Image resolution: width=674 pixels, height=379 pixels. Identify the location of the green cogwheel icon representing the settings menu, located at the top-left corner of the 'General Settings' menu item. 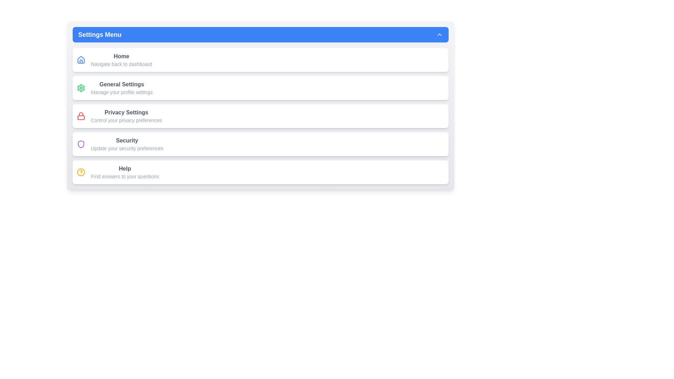
(81, 87).